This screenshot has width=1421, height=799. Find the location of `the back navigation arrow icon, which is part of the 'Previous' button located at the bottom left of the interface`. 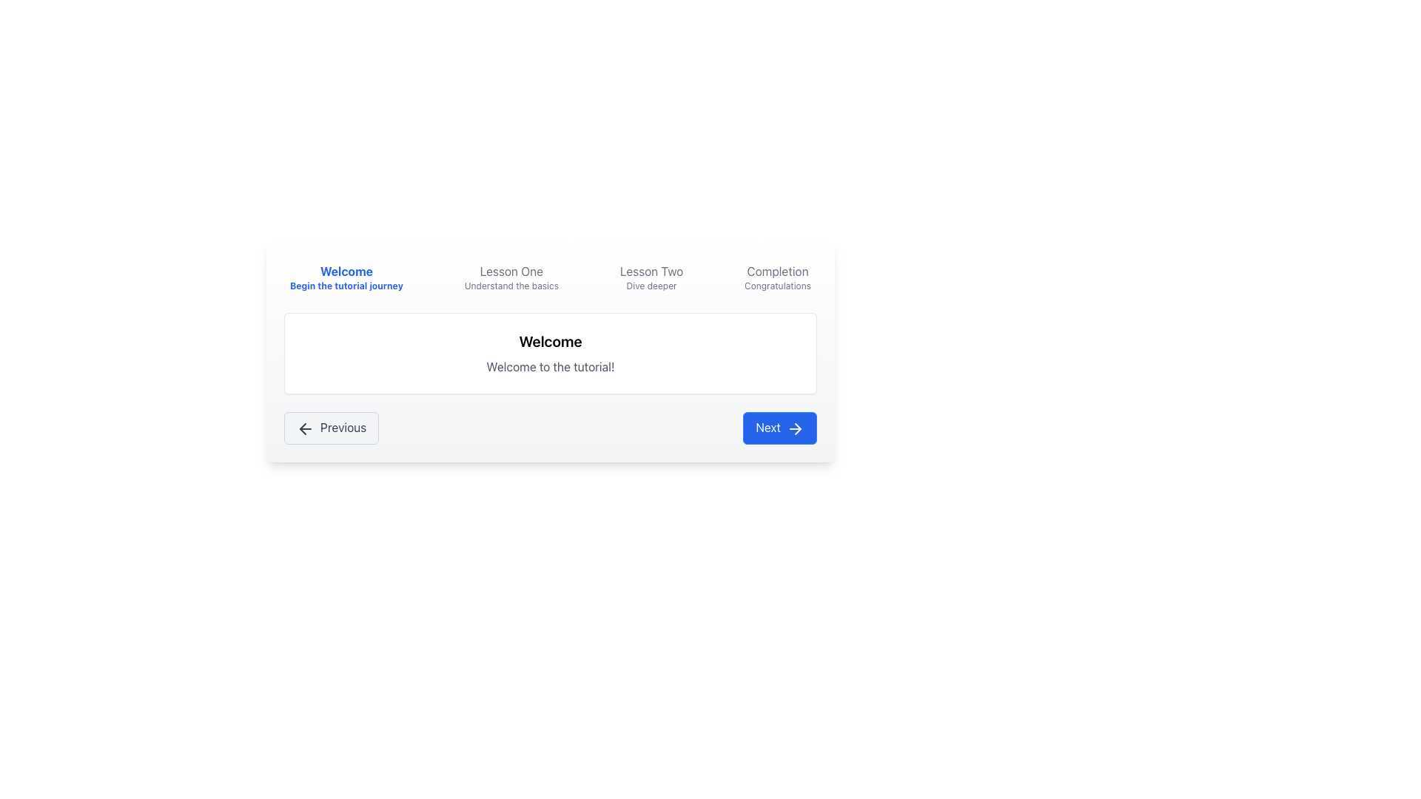

the back navigation arrow icon, which is part of the 'Previous' button located at the bottom left of the interface is located at coordinates (302, 428).